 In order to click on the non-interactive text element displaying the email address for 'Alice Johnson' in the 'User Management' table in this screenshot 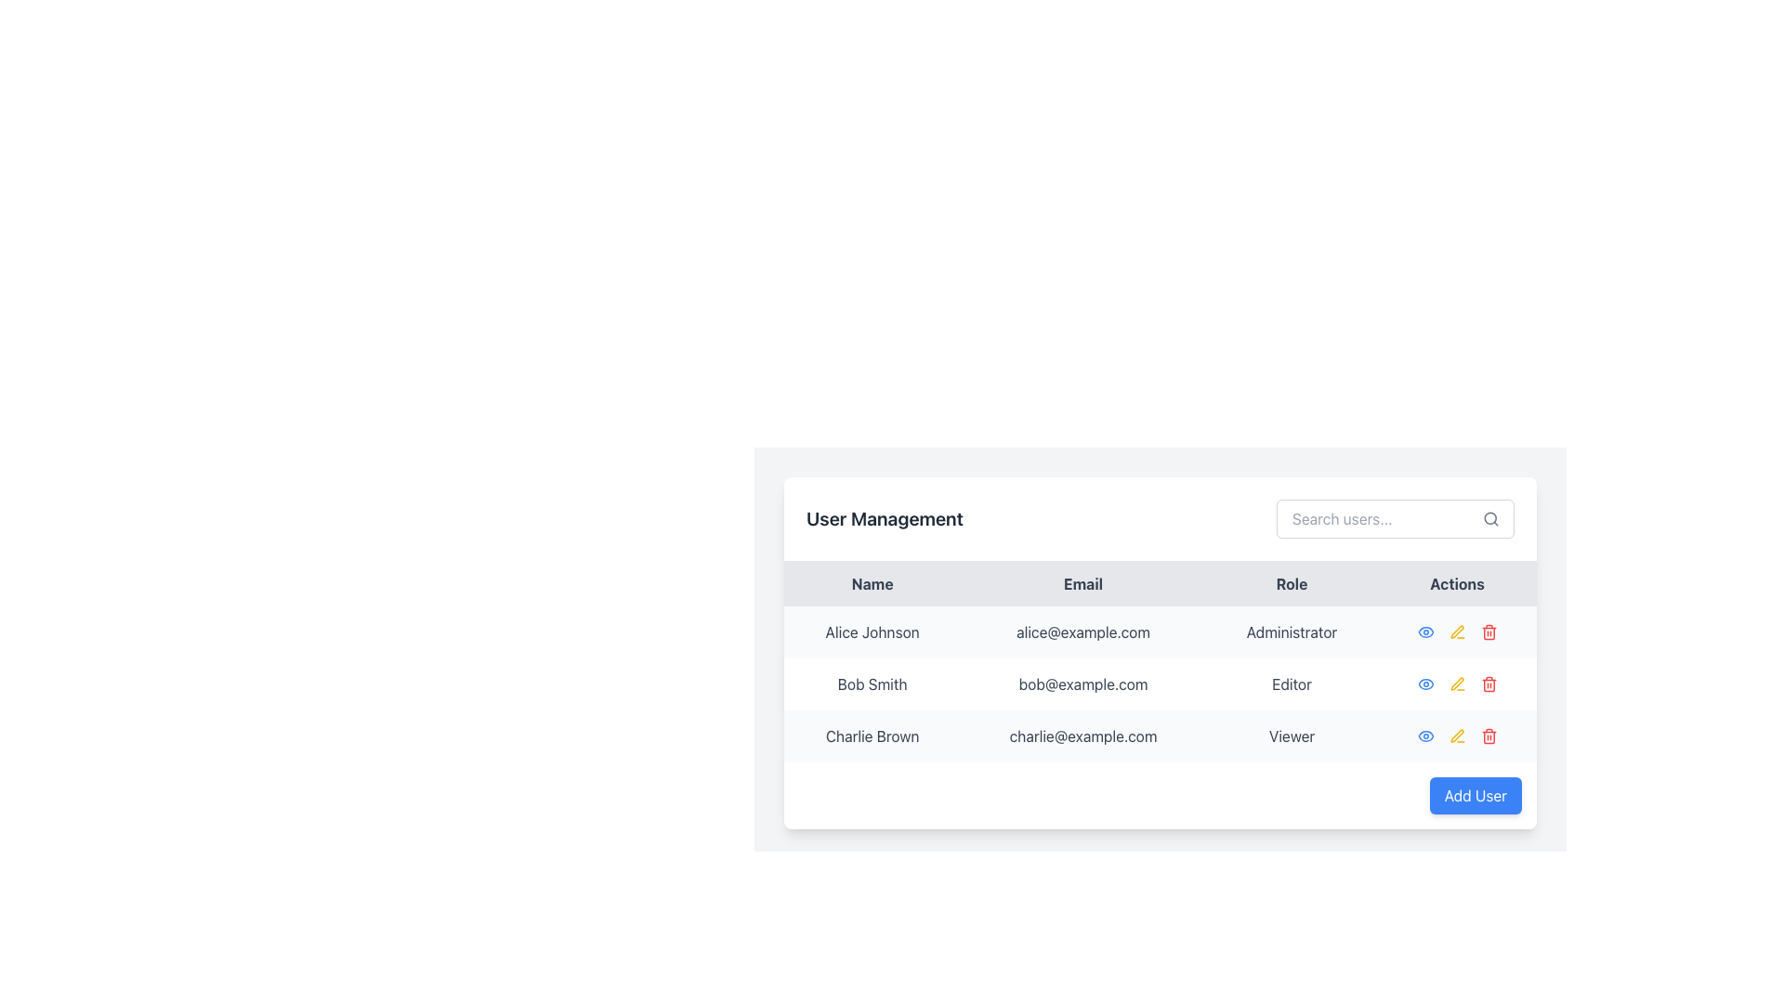, I will do `click(1083, 632)`.